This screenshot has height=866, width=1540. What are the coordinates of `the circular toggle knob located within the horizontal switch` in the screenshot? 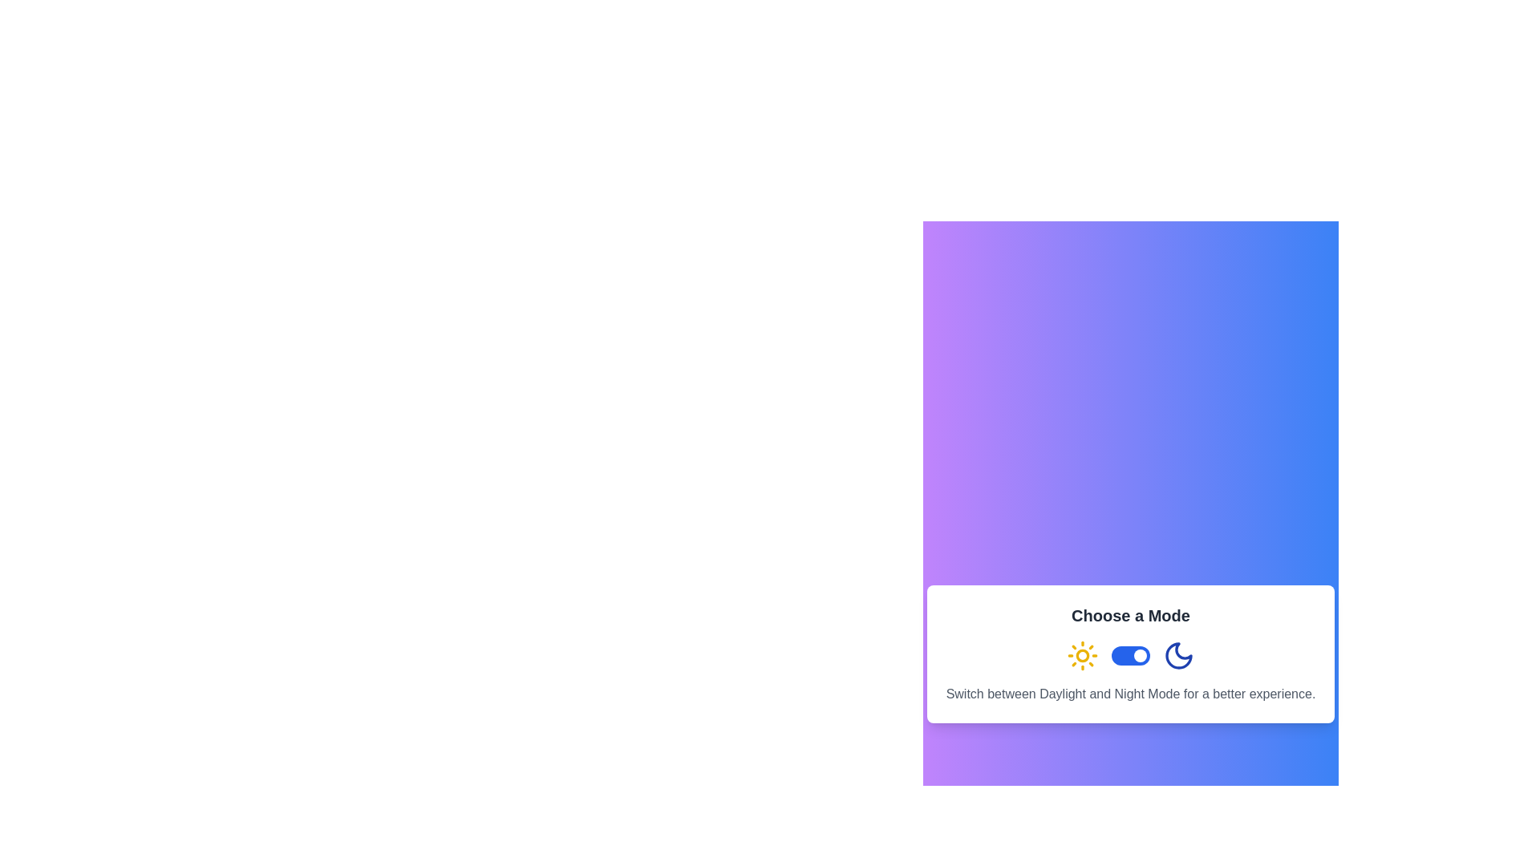 It's located at (1139, 655).